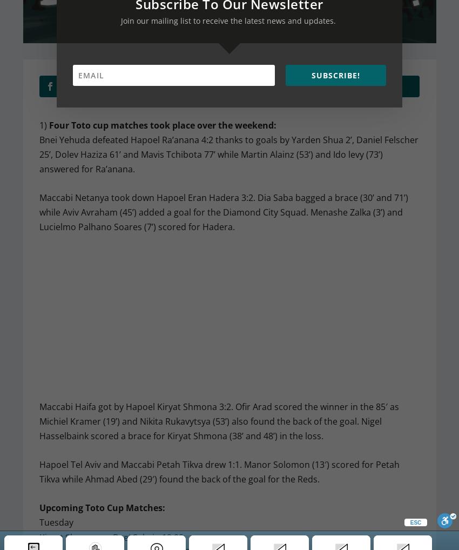 The height and width of the screenshot is (550, 459). Describe the element at coordinates (55, 521) in the screenshot. I see `'Tuesday'` at that location.